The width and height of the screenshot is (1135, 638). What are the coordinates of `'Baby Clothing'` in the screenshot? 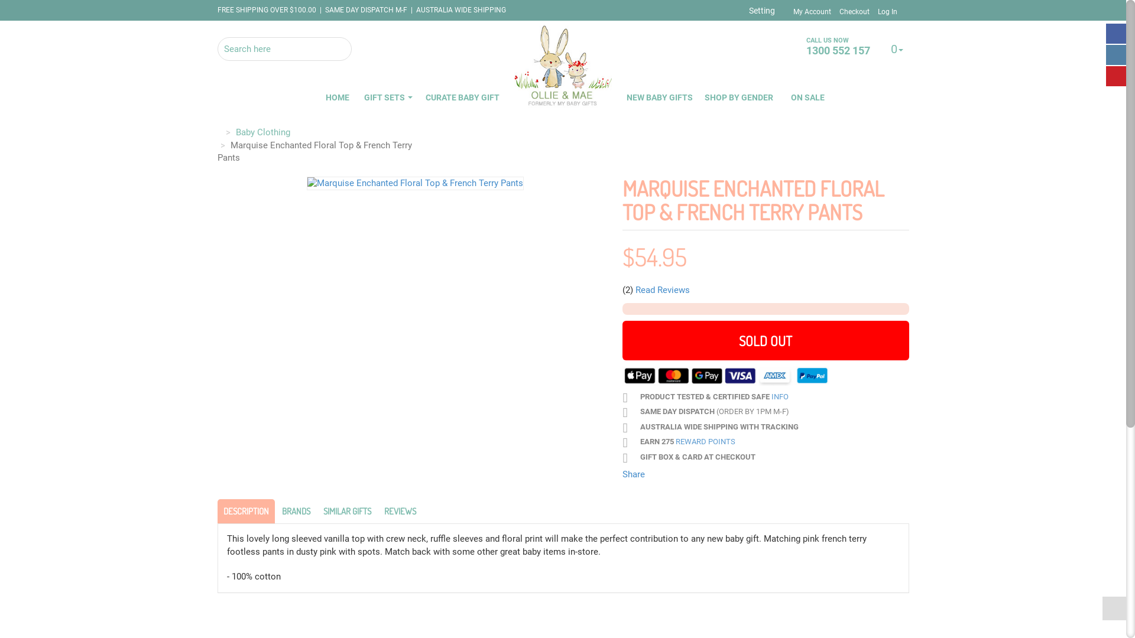 It's located at (262, 132).